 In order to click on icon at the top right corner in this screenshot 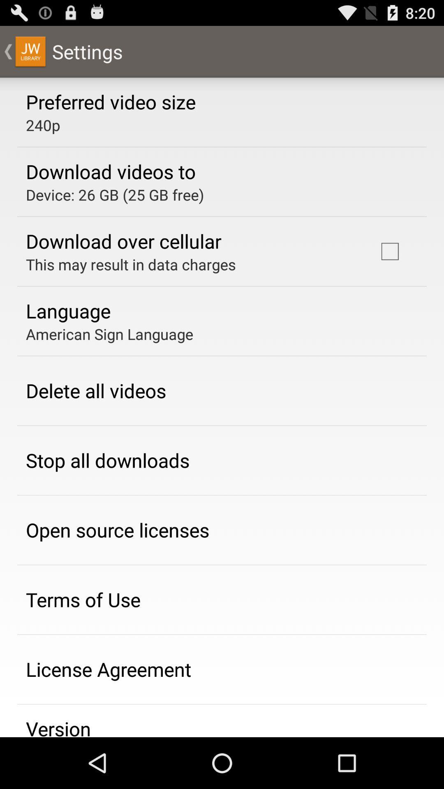, I will do `click(389, 251)`.